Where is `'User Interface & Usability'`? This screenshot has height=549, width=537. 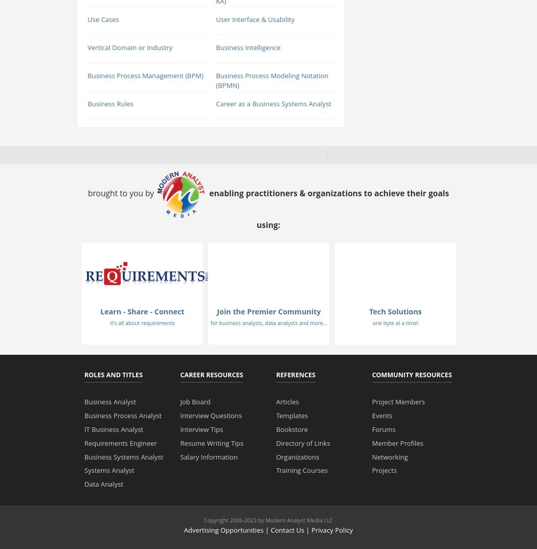
'User Interface & Usability' is located at coordinates (254, 18).